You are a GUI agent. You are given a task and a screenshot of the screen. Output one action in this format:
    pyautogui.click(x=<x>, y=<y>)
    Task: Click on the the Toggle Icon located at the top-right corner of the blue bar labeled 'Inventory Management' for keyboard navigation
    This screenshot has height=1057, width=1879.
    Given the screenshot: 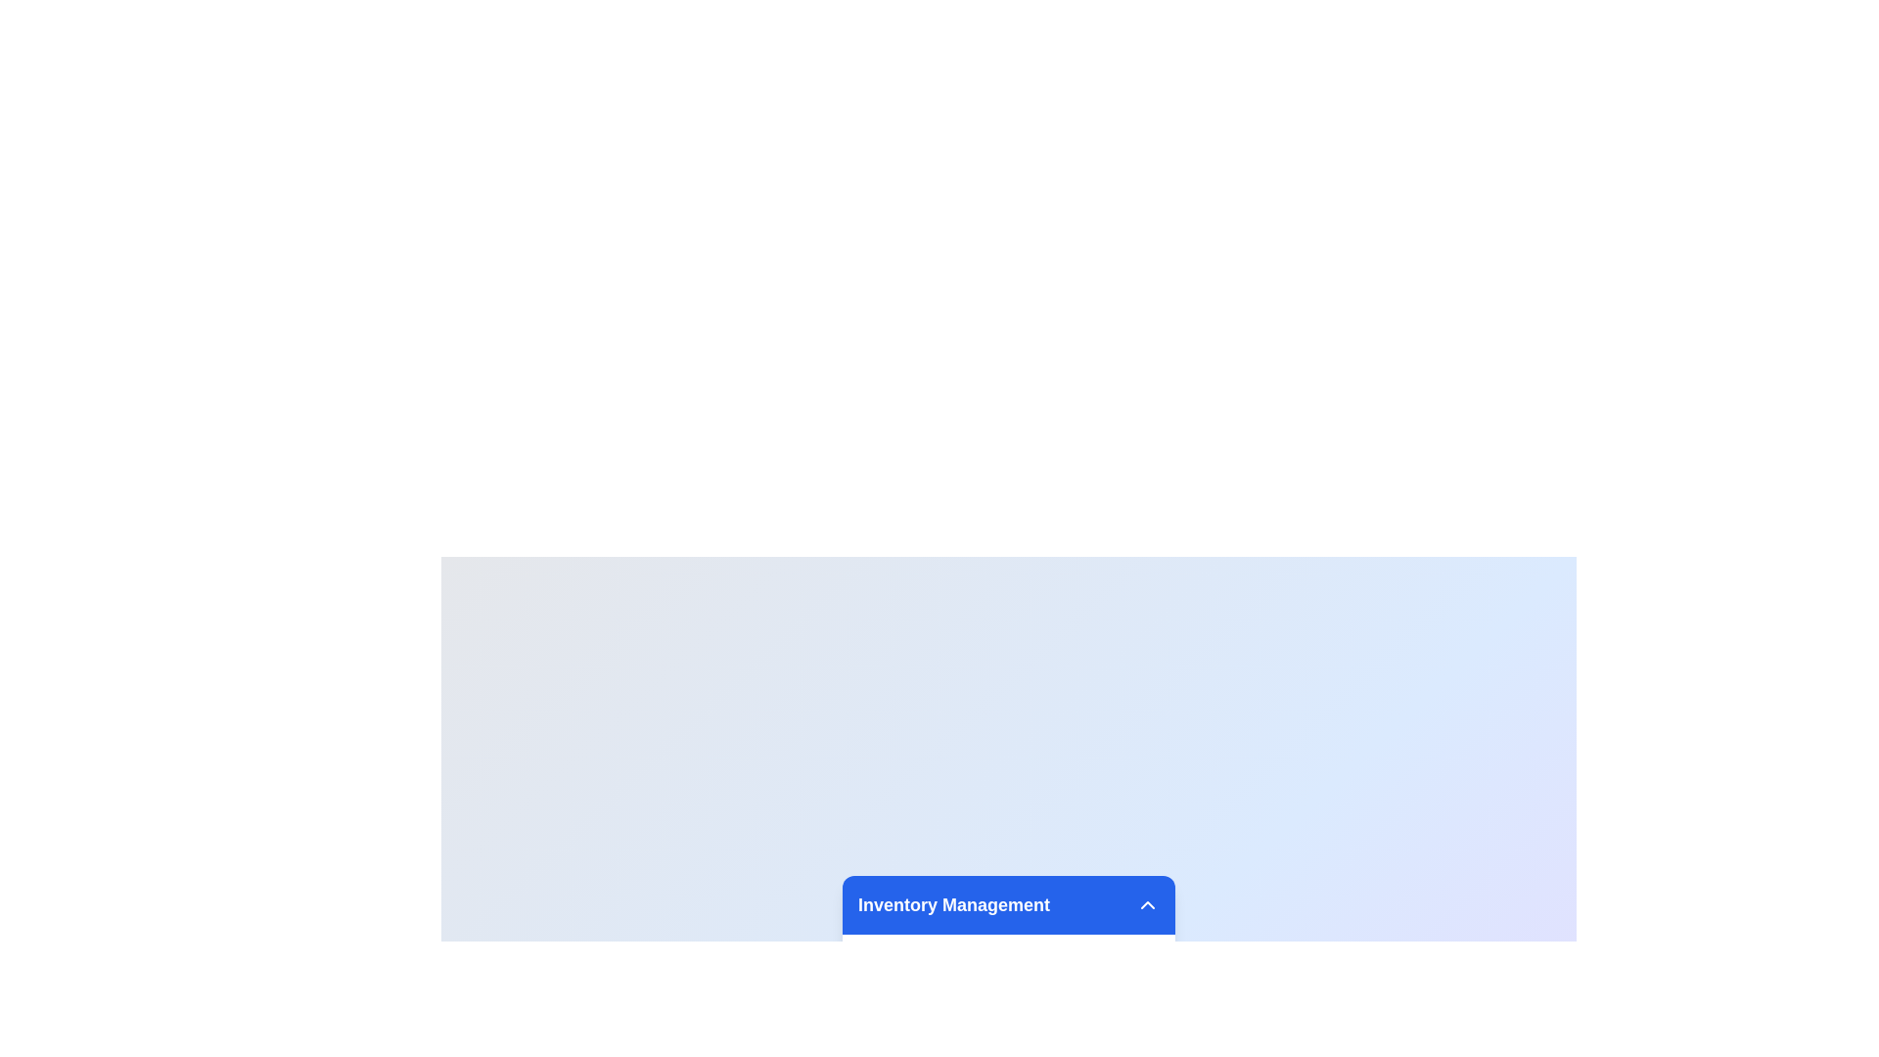 What is the action you would take?
    pyautogui.click(x=1147, y=905)
    